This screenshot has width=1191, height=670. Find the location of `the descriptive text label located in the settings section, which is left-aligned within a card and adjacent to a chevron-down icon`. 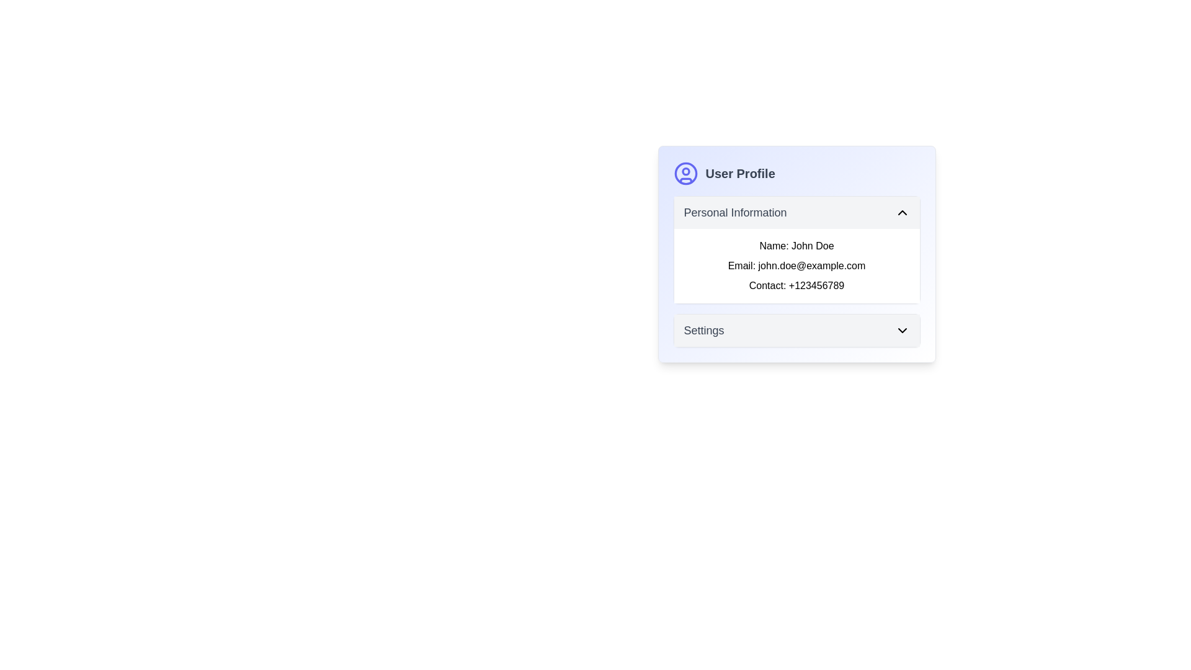

the descriptive text label located in the settings section, which is left-aligned within a card and adjacent to a chevron-down icon is located at coordinates (704, 329).